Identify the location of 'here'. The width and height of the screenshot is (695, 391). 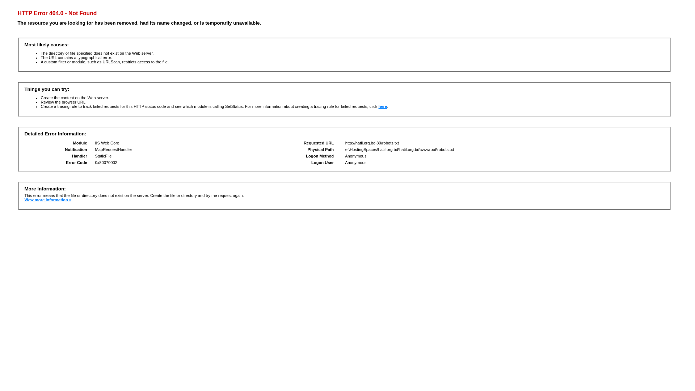
(382, 106).